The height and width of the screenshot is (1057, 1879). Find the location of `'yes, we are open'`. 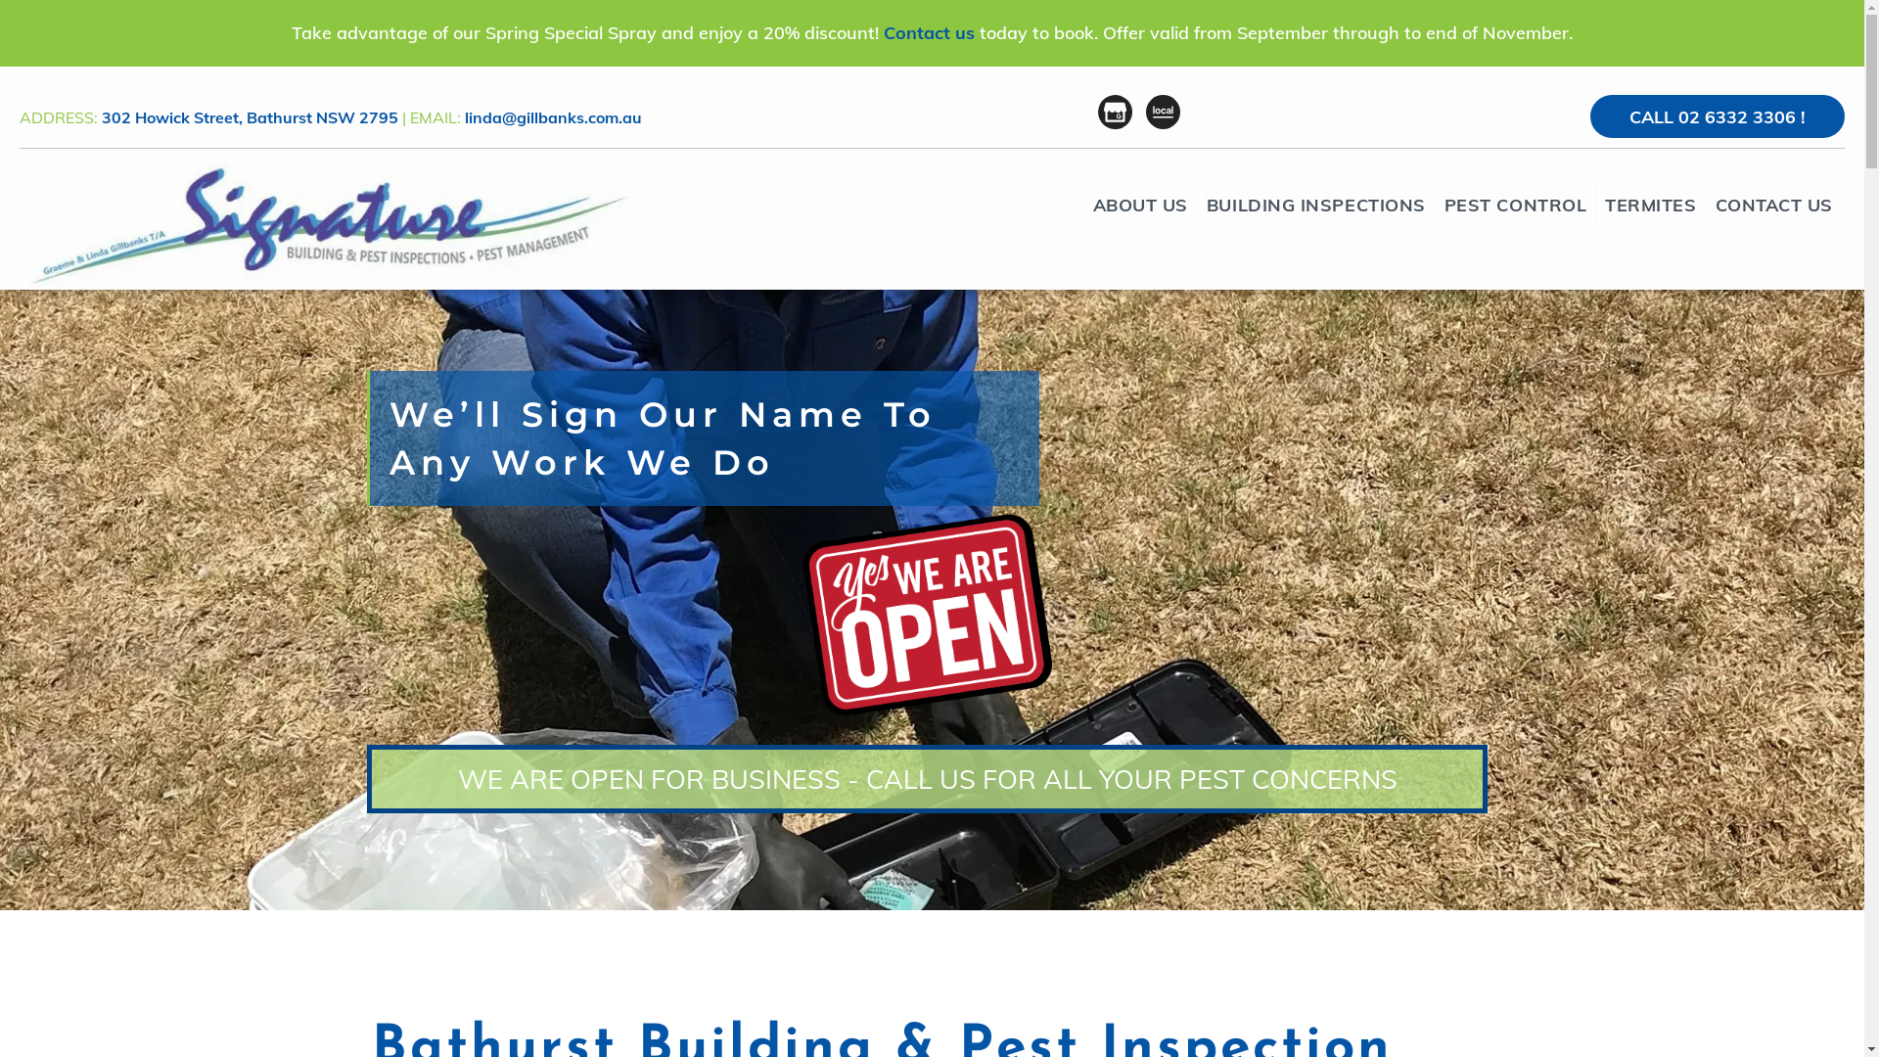

'yes, we are open' is located at coordinates (802, 614).